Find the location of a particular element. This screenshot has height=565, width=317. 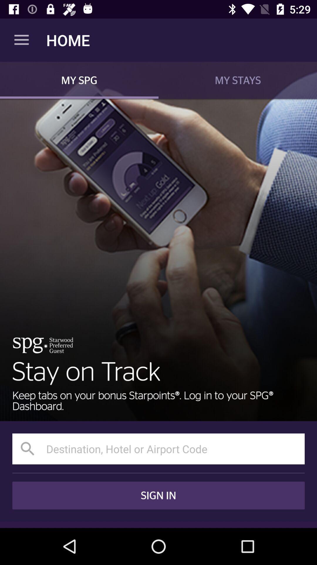

my stays app is located at coordinates (238, 80).